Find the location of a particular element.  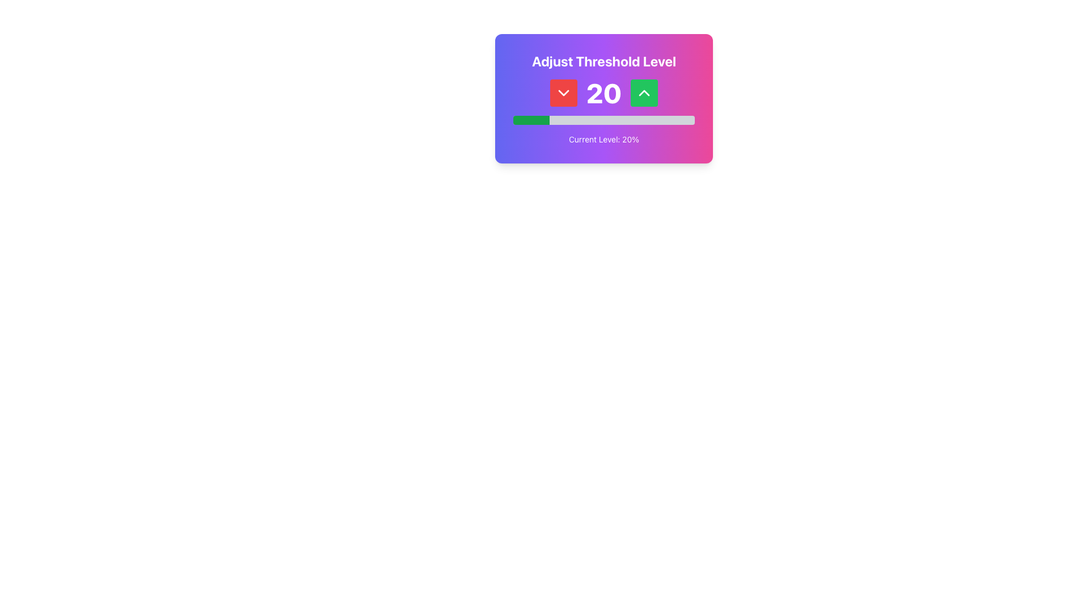

the prominent number '20' displayed in white, bold font, located between the red down chevron button and the green up chevron button on a gradient background is located at coordinates (603, 93).